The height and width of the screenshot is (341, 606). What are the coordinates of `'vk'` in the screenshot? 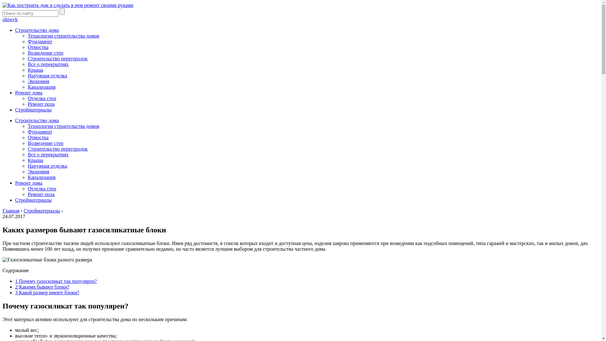 It's located at (15, 19).